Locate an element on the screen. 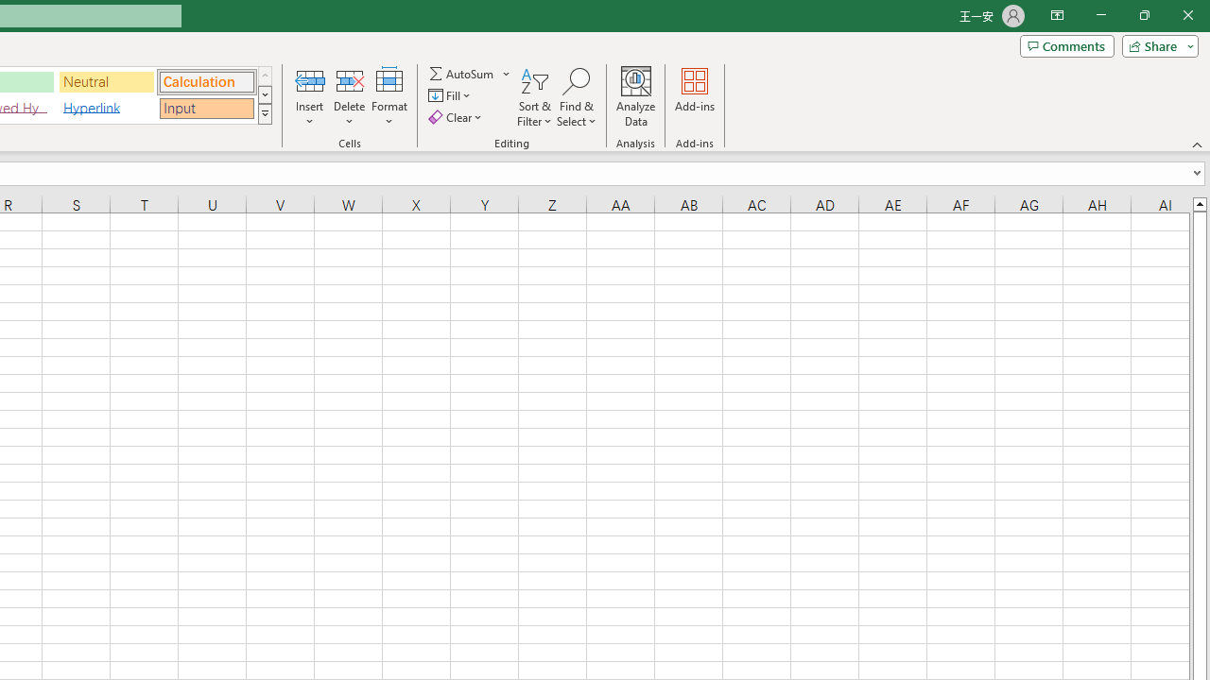 This screenshot has height=680, width=1210. 'Neutral' is located at coordinates (106, 80).